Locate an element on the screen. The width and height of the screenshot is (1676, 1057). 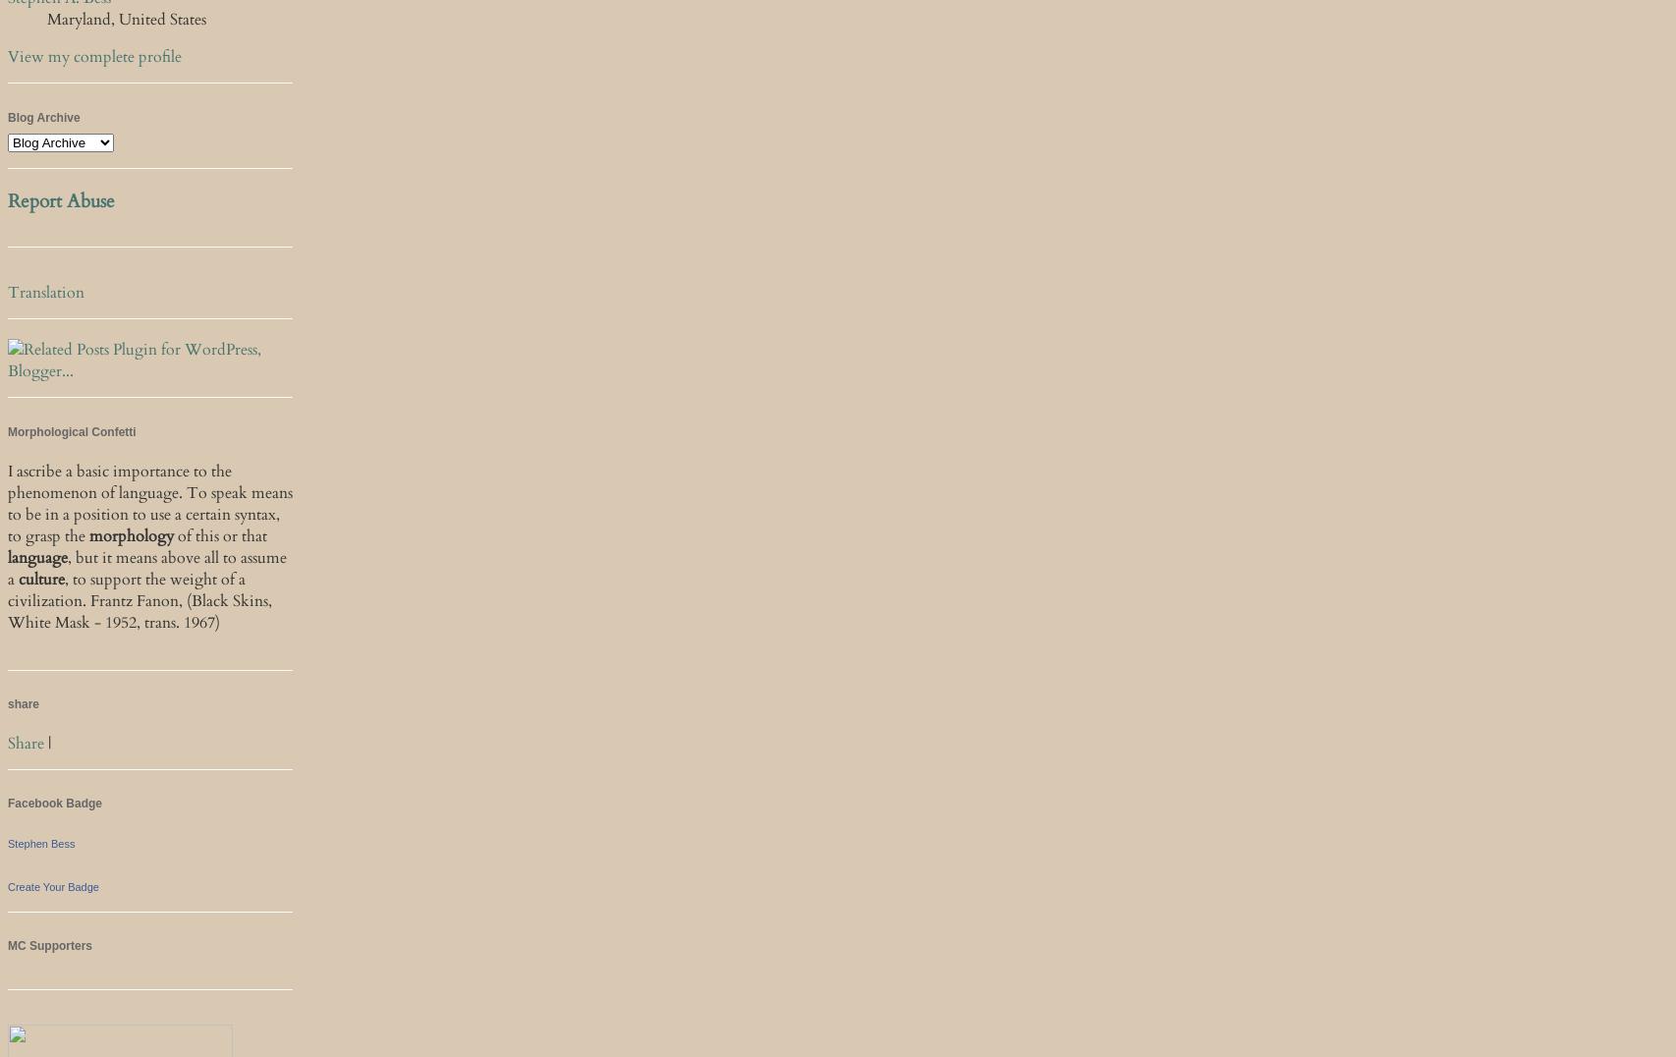
'Maryland, United States' is located at coordinates (126, 19).